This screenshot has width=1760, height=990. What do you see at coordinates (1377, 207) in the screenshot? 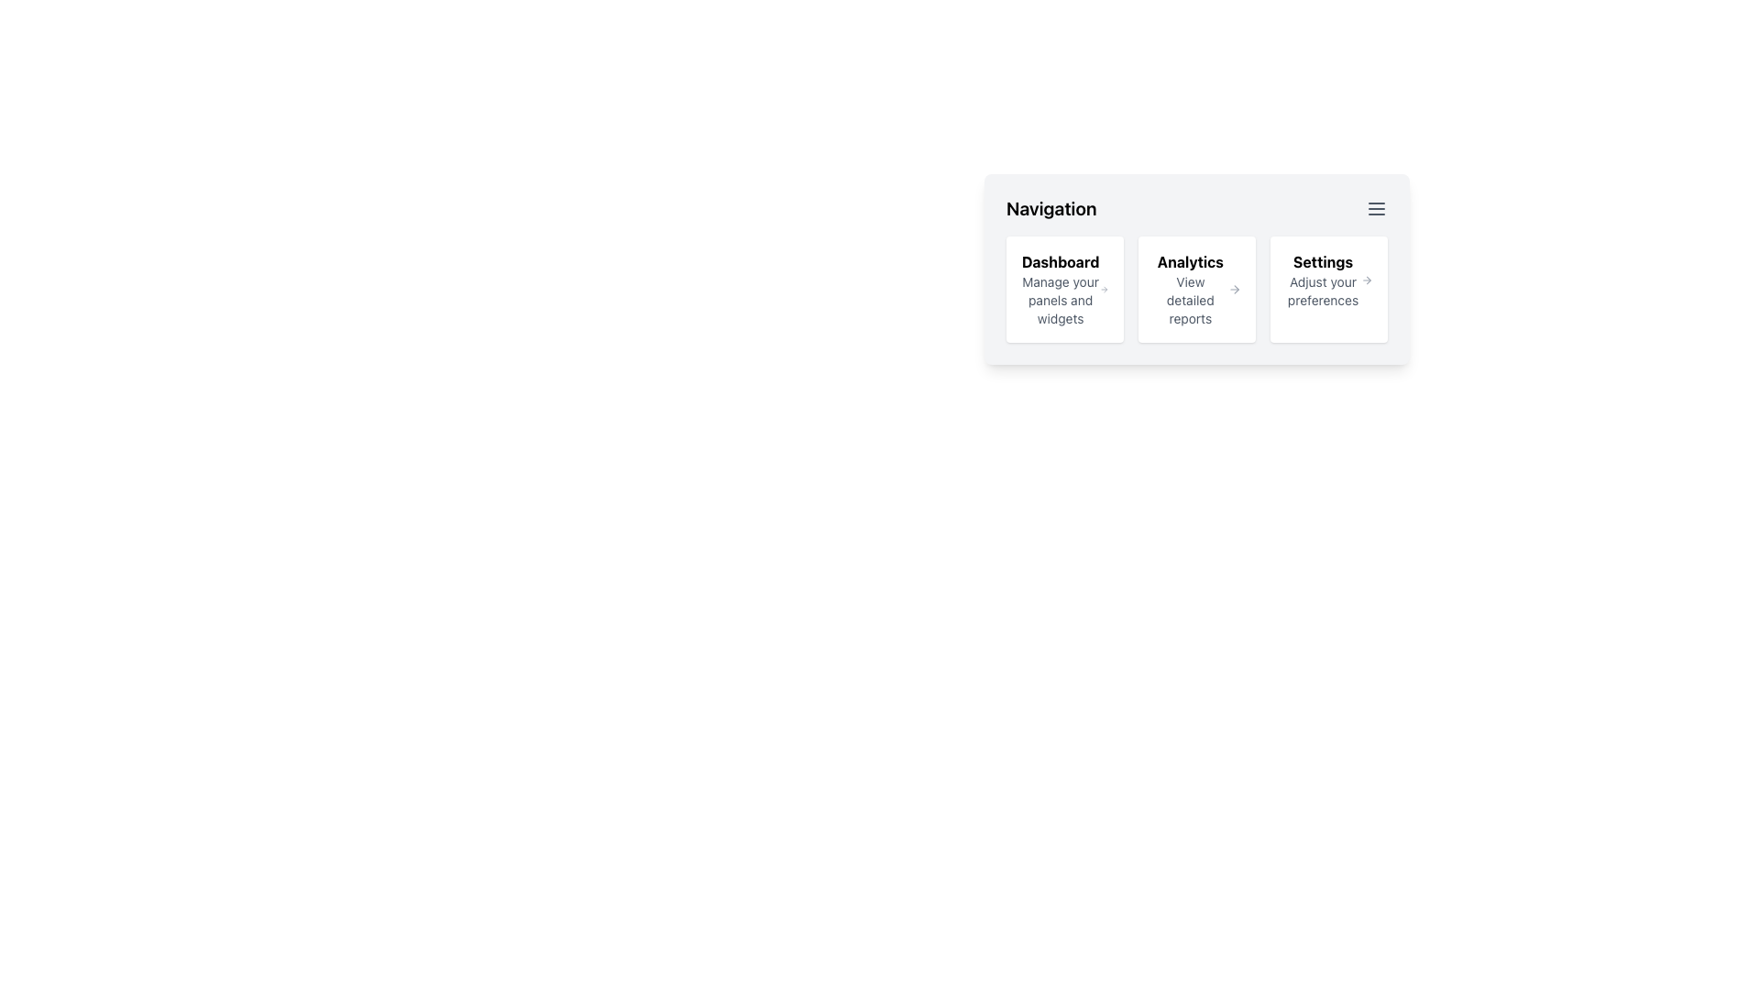
I see `the icon-based button represented by three horizontal lines in the top-right corner of the 'Navigation' box` at bounding box center [1377, 207].